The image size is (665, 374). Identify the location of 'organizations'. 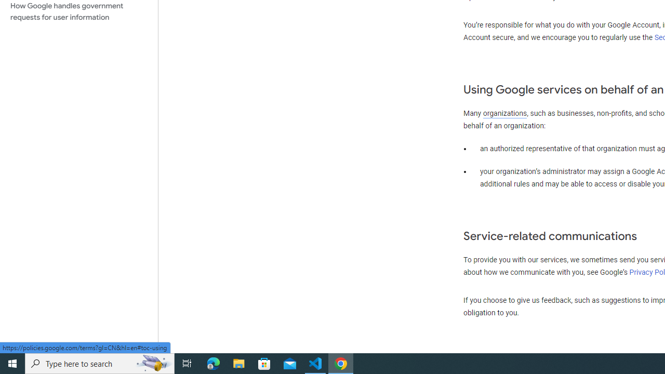
(505, 113).